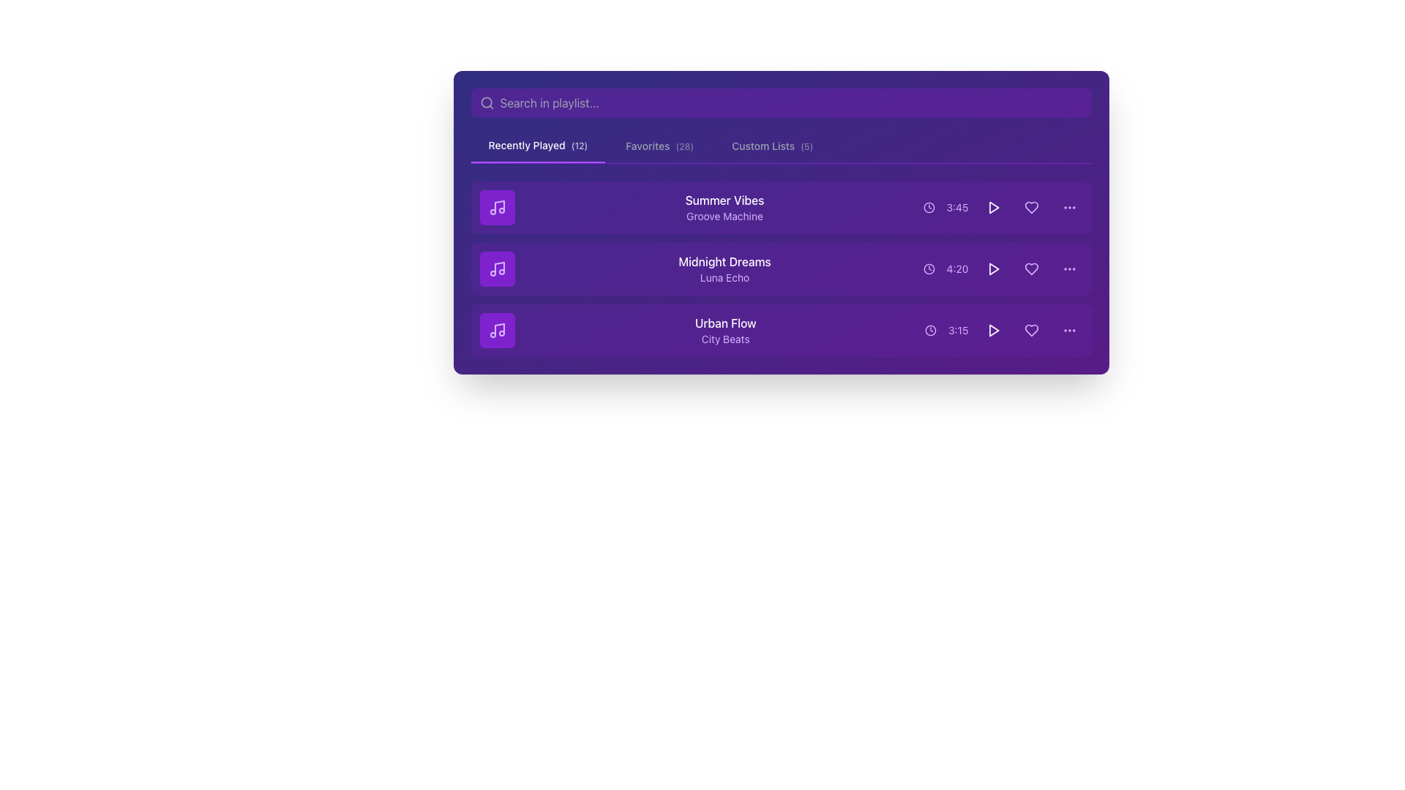 Image resolution: width=1405 pixels, height=790 pixels. Describe the element at coordinates (994, 268) in the screenshot. I see `the right-facing triangular play icon, which is styled in white and located in the second row of the music playback interface` at that location.